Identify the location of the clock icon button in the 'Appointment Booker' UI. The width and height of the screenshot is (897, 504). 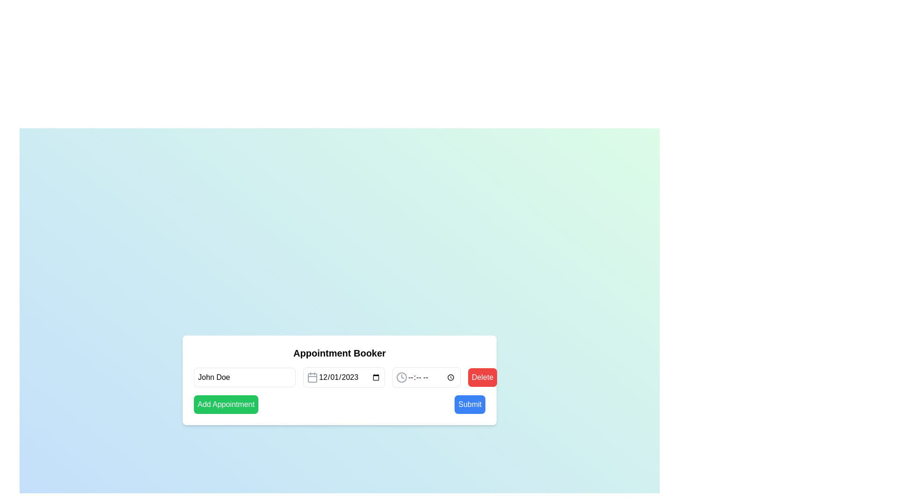
(401, 377).